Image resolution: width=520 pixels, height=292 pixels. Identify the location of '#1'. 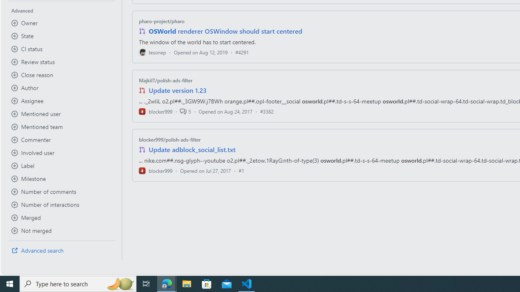
(241, 170).